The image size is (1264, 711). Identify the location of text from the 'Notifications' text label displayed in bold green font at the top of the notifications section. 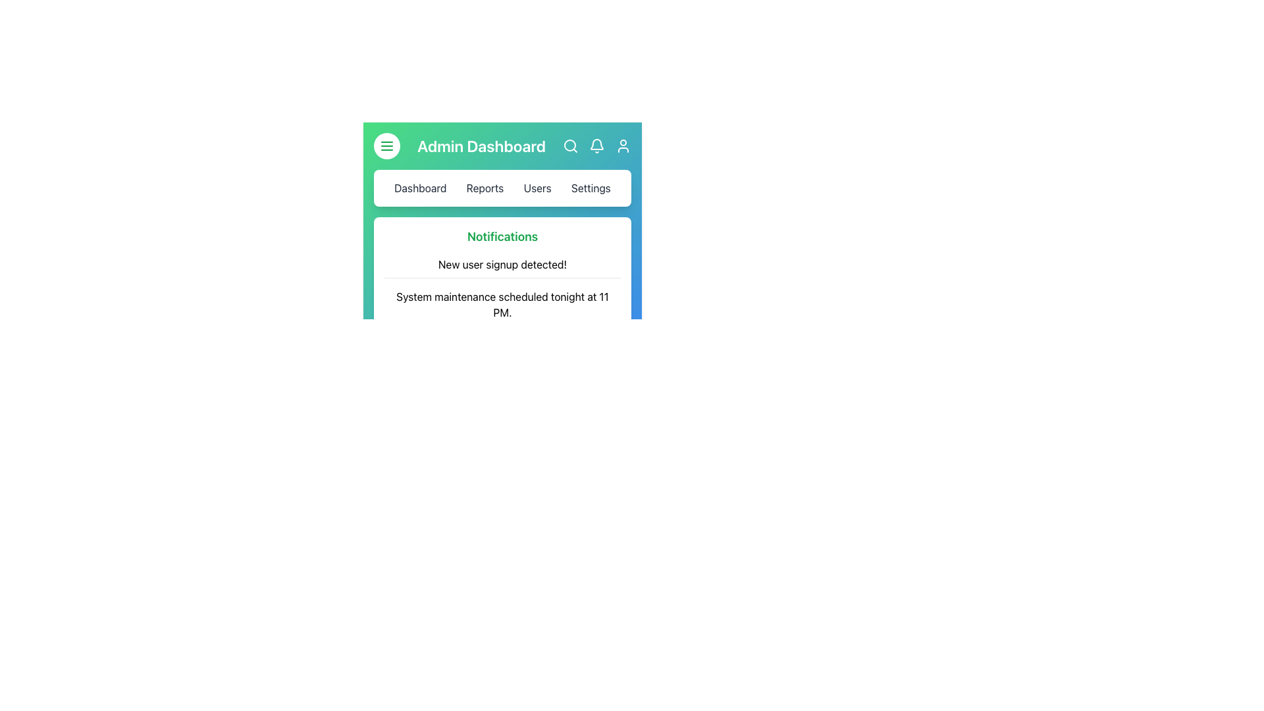
(502, 236).